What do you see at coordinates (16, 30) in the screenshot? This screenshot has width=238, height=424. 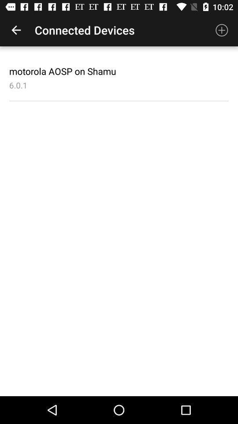 I see `the icon above the motorola aosp on icon` at bounding box center [16, 30].